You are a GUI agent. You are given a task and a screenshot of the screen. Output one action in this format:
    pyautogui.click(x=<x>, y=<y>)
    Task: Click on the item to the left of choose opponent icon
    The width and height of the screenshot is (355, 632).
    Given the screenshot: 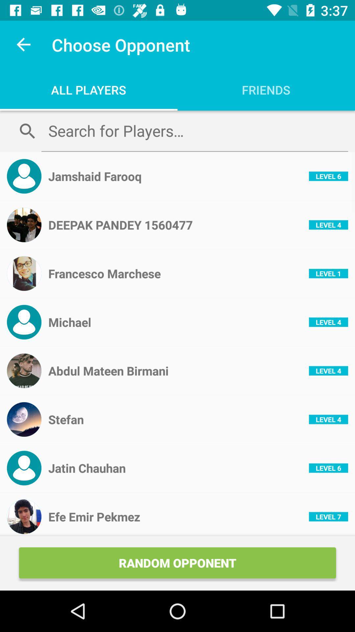 What is the action you would take?
    pyautogui.click(x=24, y=44)
    